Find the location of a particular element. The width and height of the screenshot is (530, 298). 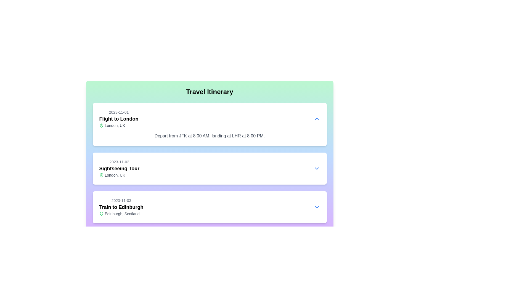

the text displaying 'London, UK' located beneath the 'Flight to London' title to show more details about the location is located at coordinates (118, 126).